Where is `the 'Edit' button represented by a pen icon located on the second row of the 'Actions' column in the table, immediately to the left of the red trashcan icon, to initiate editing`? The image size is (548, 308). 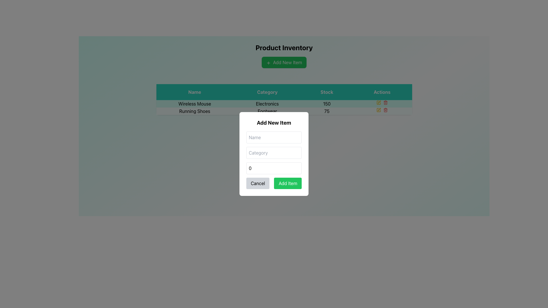
the 'Edit' button represented by a pen icon located on the second row of the 'Actions' column in the table, immediately to the left of the red trashcan icon, to initiate editing is located at coordinates (378, 110).